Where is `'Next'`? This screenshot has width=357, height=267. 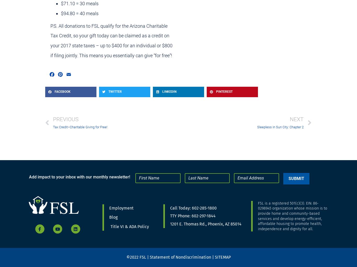 'Next' is located at coordinates (296, 119).